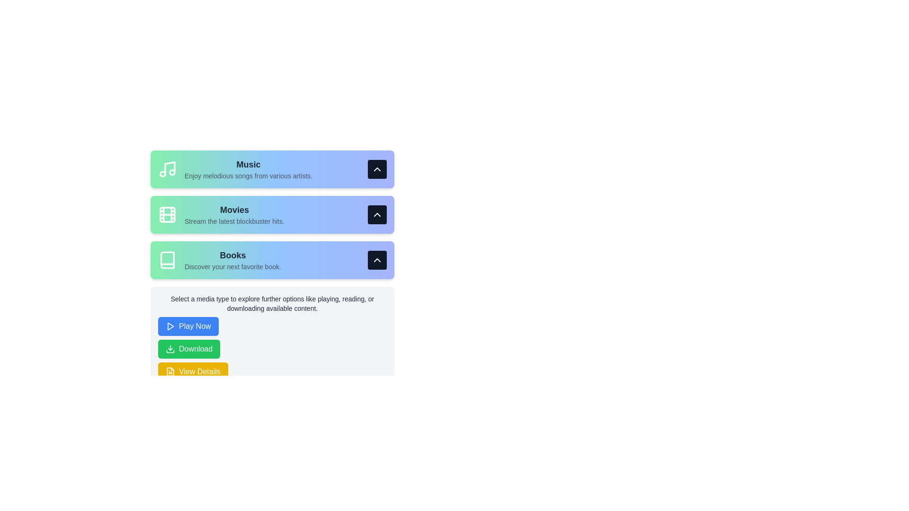 The height and width of the screenshot is (511, 909). I want to click on the play icon located to the left of the 'Play Now' button's text, which serves as an actionable cue for initiating a play action, so click(170, 326).